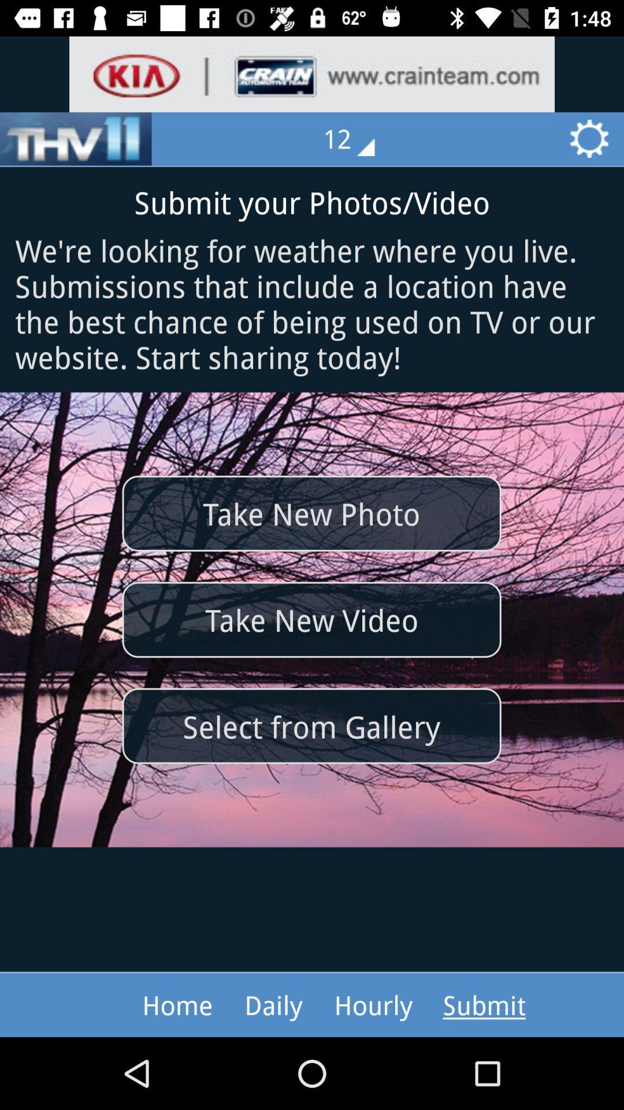 This screenshot has height=1110, width=624. What do you see at coordinates (312, 73) in the screenshot?
I see `commercial` at bounding box center [312, 73].